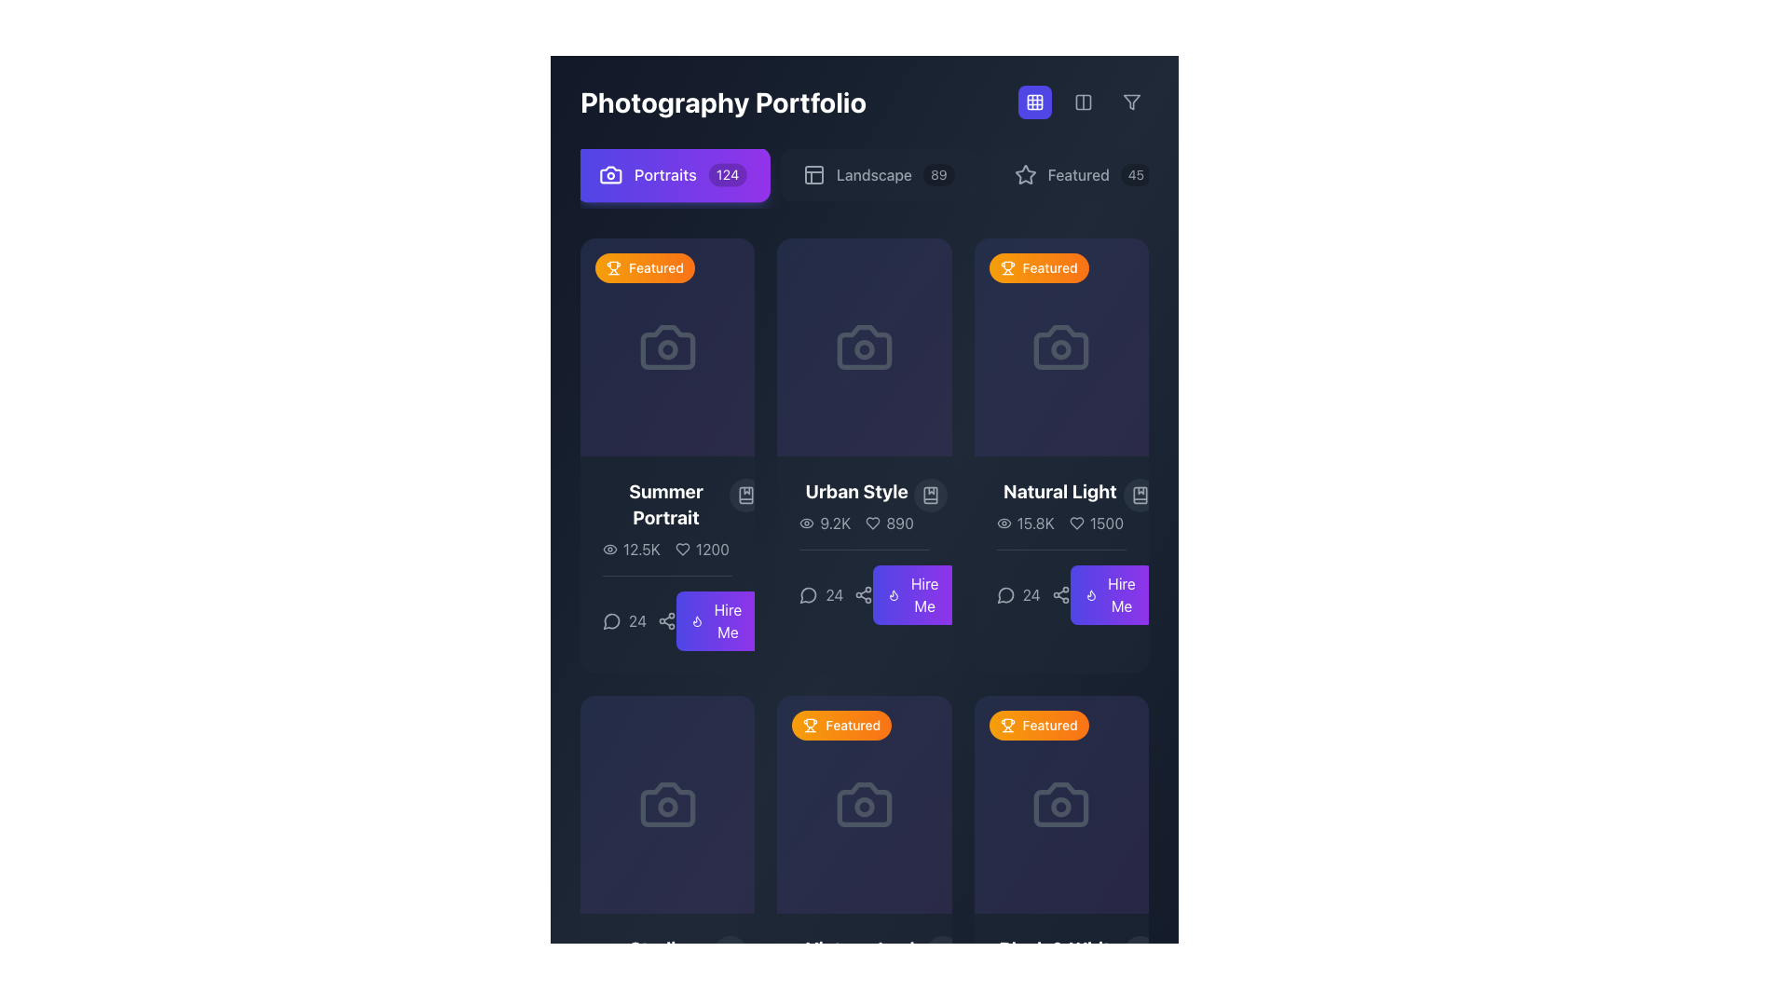 The image size is (1789, 1006). Describe the element at coordinates (722, 102) in the screenshot. I see `the text label that serves as the header or title for the page layout, located centrally in the top section of the interface` at that location.